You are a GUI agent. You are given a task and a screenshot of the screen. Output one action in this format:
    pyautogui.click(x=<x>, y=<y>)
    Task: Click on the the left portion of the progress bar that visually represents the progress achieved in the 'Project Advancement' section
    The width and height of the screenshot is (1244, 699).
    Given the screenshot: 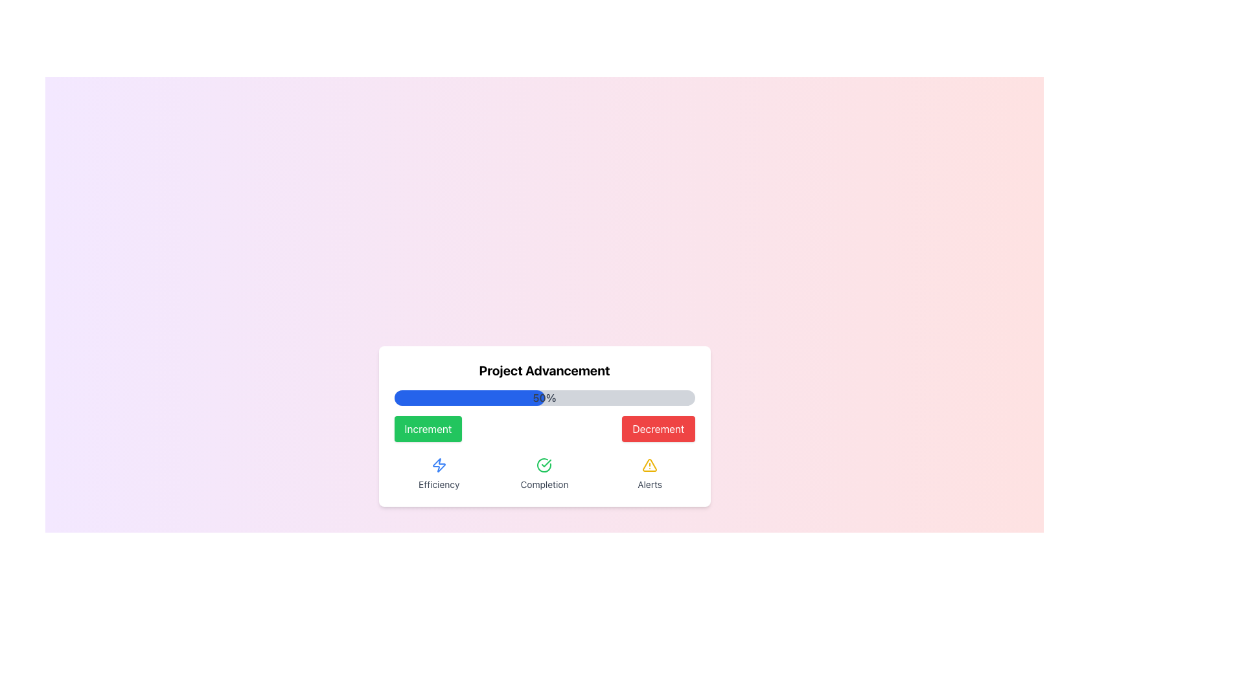 What is the action you would take?
    pyautogui.click(x=468, y=397)
    